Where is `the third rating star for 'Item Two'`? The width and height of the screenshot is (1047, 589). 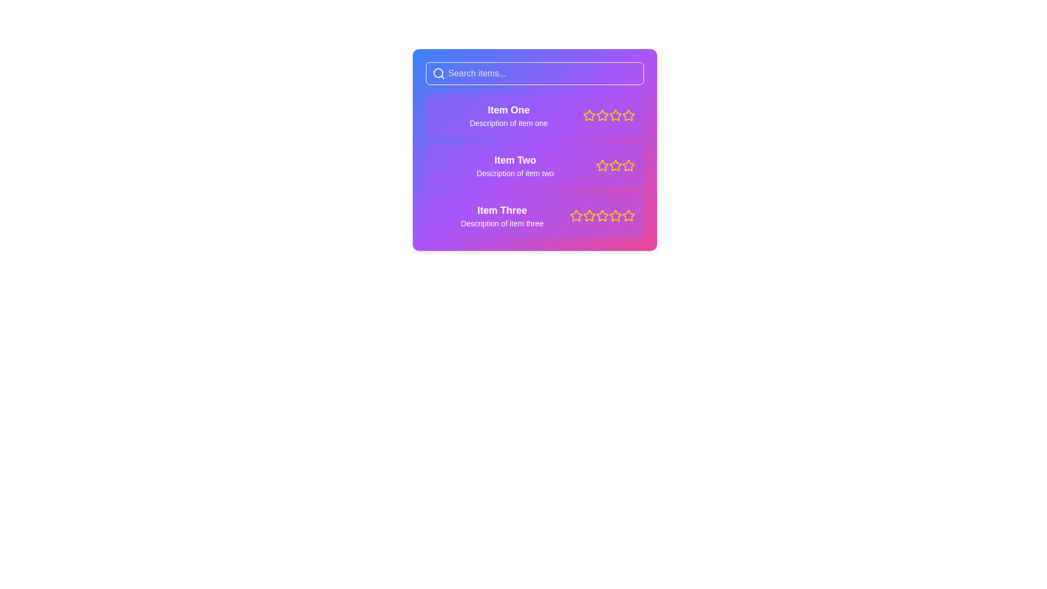
the third rating star for 'Item Two' is located at coordinates (615, 165).